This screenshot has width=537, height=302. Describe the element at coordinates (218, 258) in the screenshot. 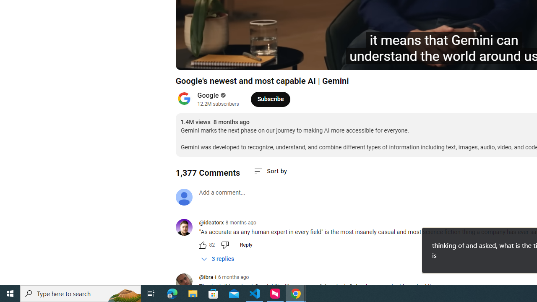

I see `'3 replies'` at that location.